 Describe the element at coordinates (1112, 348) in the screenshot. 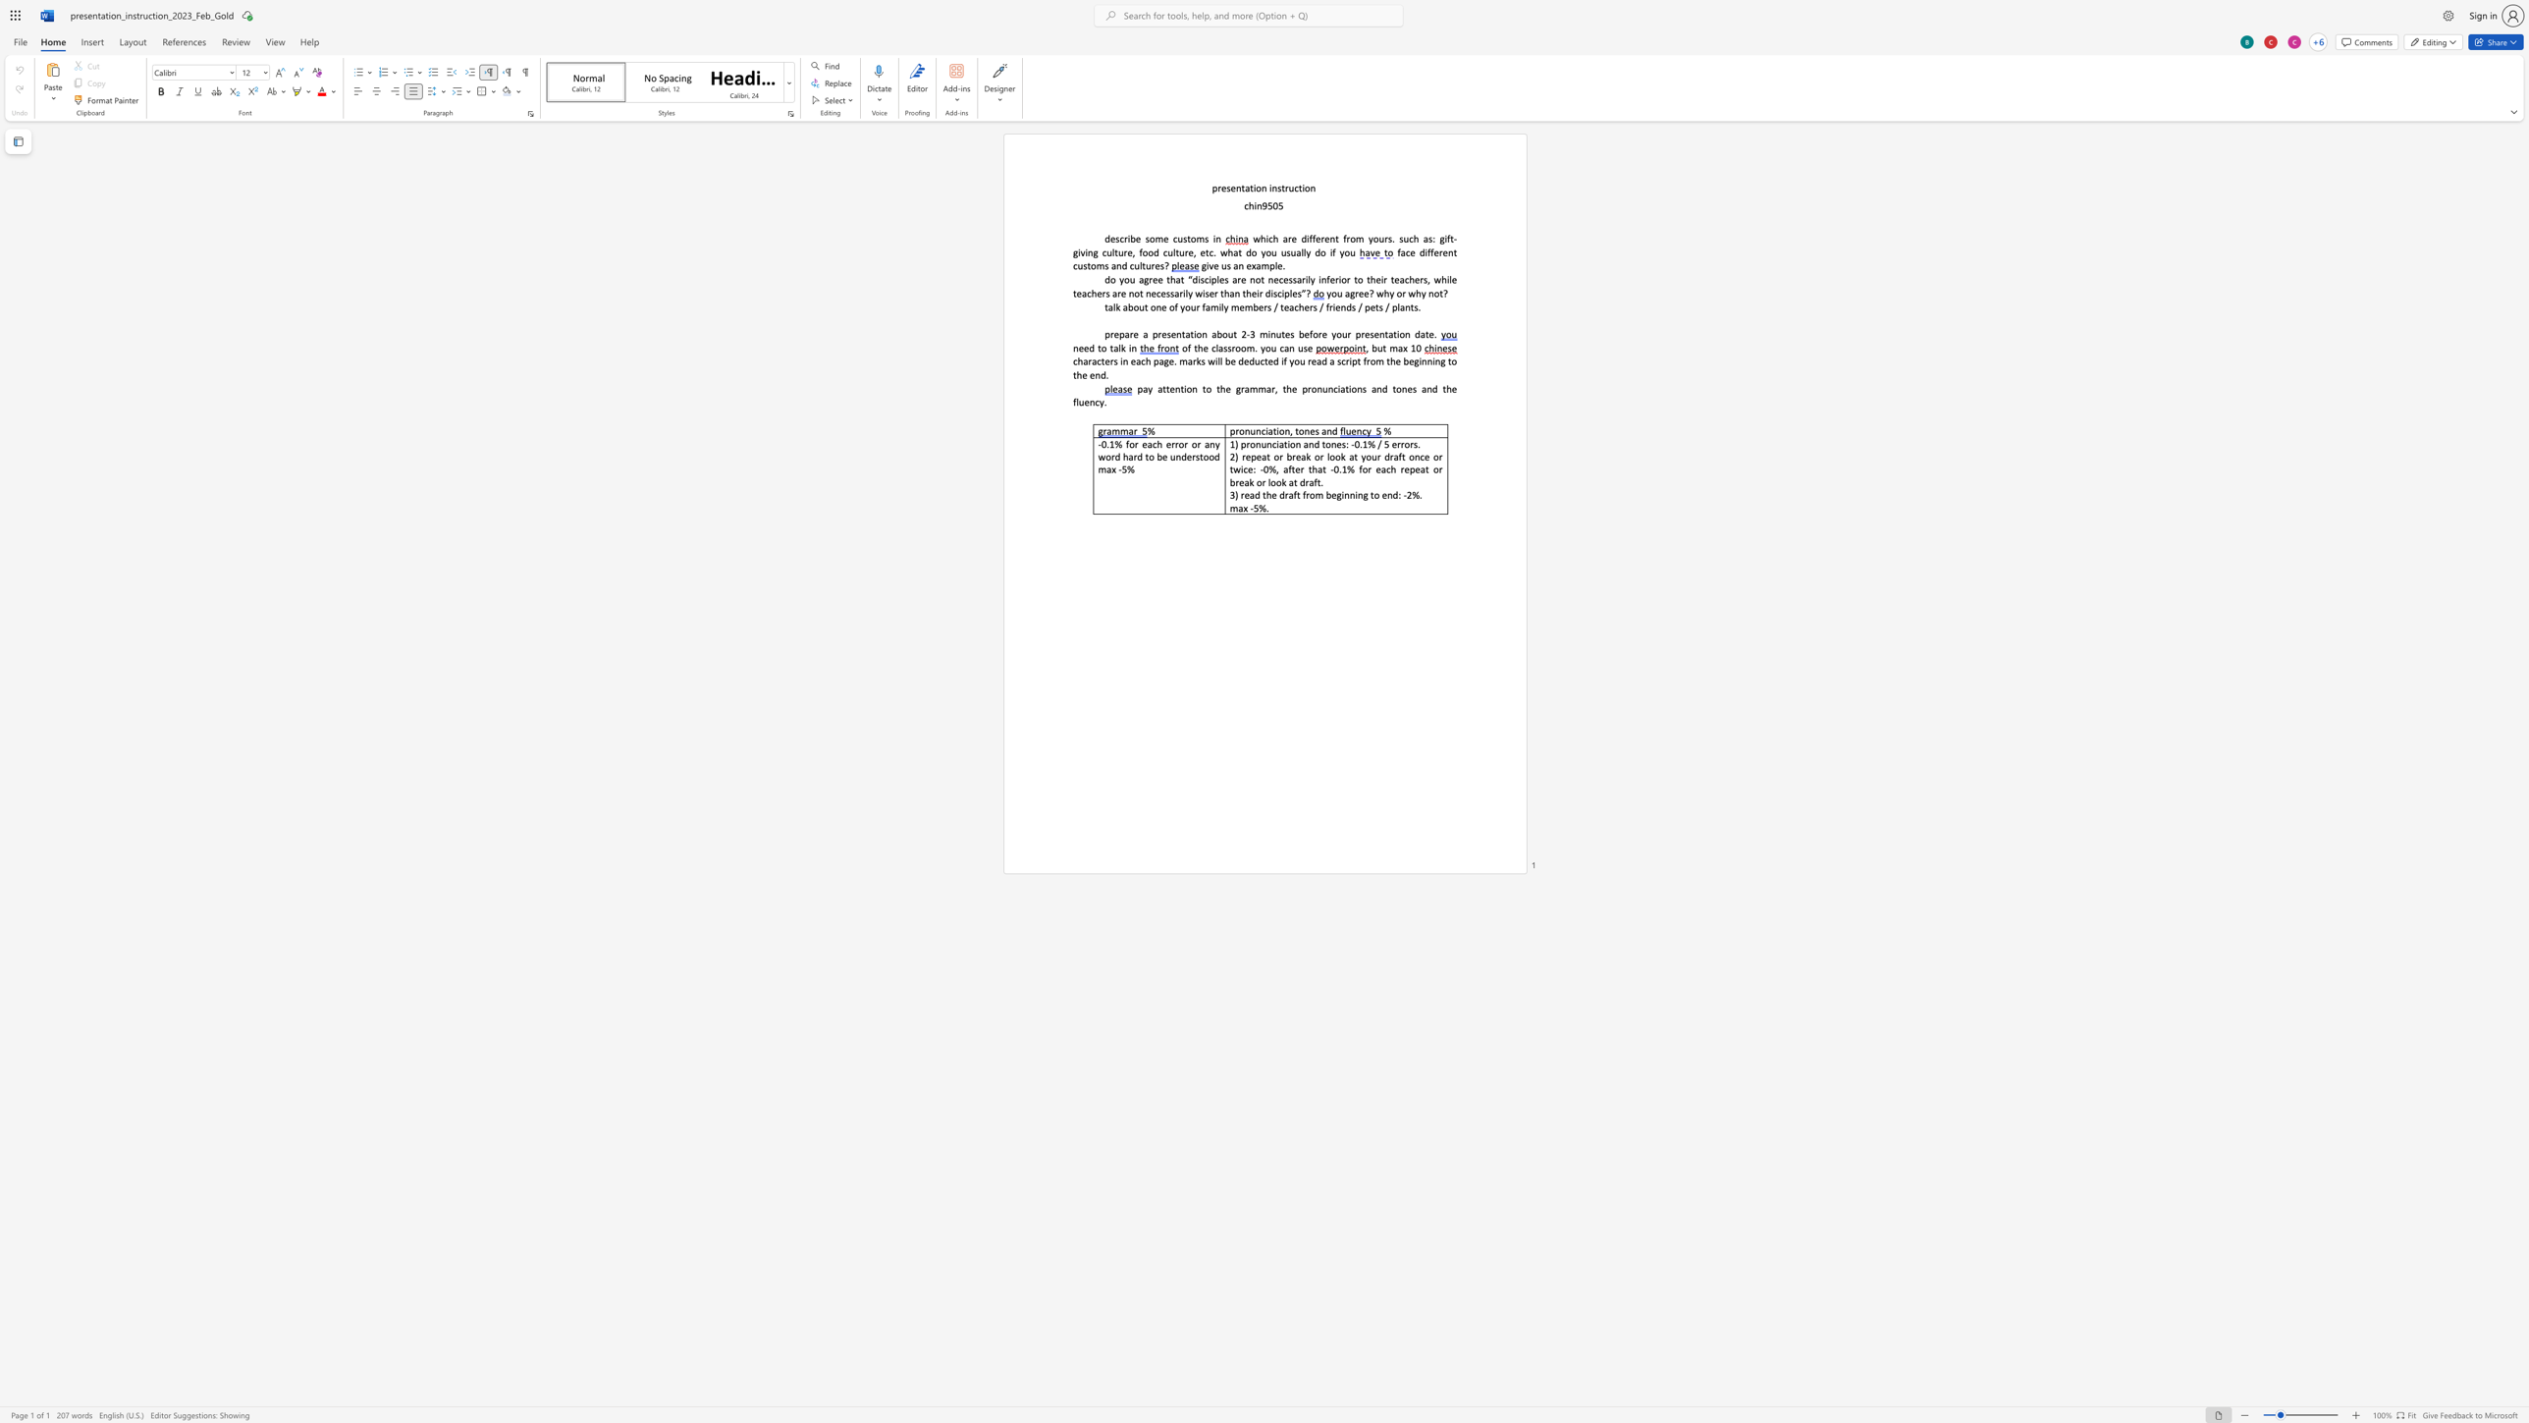

I see `the space between the continuous character "t" and "a" in the text` at that location.